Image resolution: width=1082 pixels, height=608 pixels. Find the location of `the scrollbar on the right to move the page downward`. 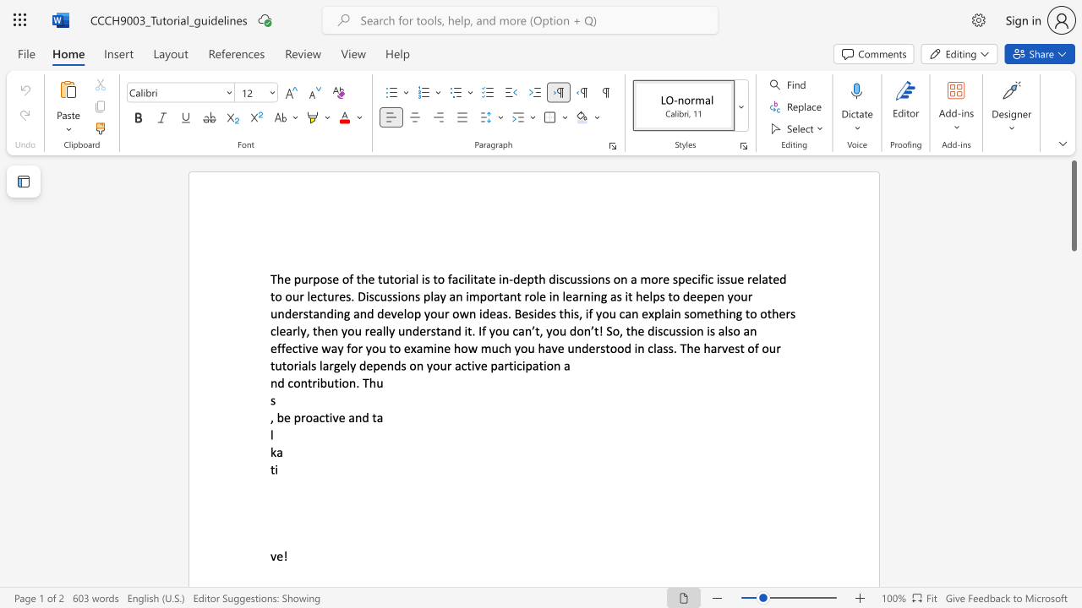

the scrollbar on the right to move the page downward is located at coordinates (1073, 437).